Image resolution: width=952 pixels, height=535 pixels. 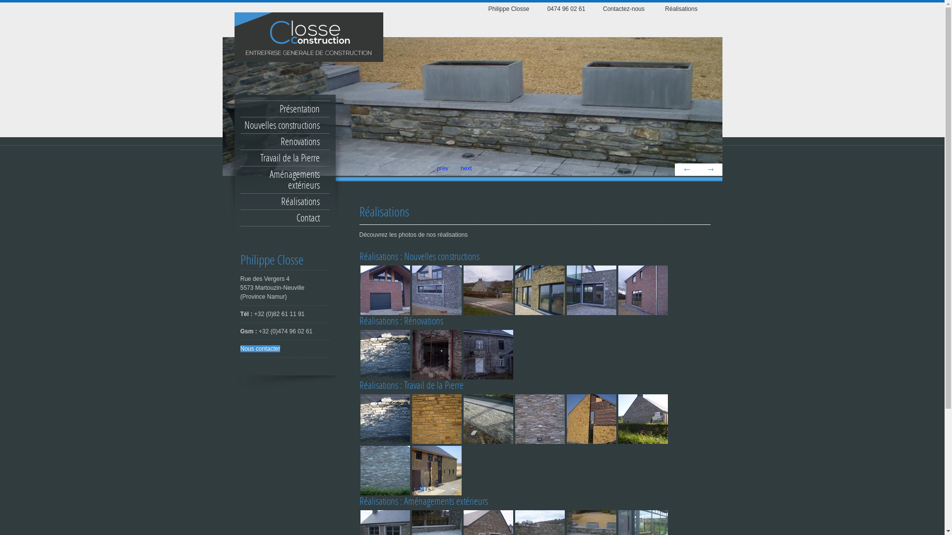 What do you see at coordinates (384, 419) in the screenshot?
I see `'OLYMPUS DIGITAL CAMERA         '` at bounding box center [384, 419].